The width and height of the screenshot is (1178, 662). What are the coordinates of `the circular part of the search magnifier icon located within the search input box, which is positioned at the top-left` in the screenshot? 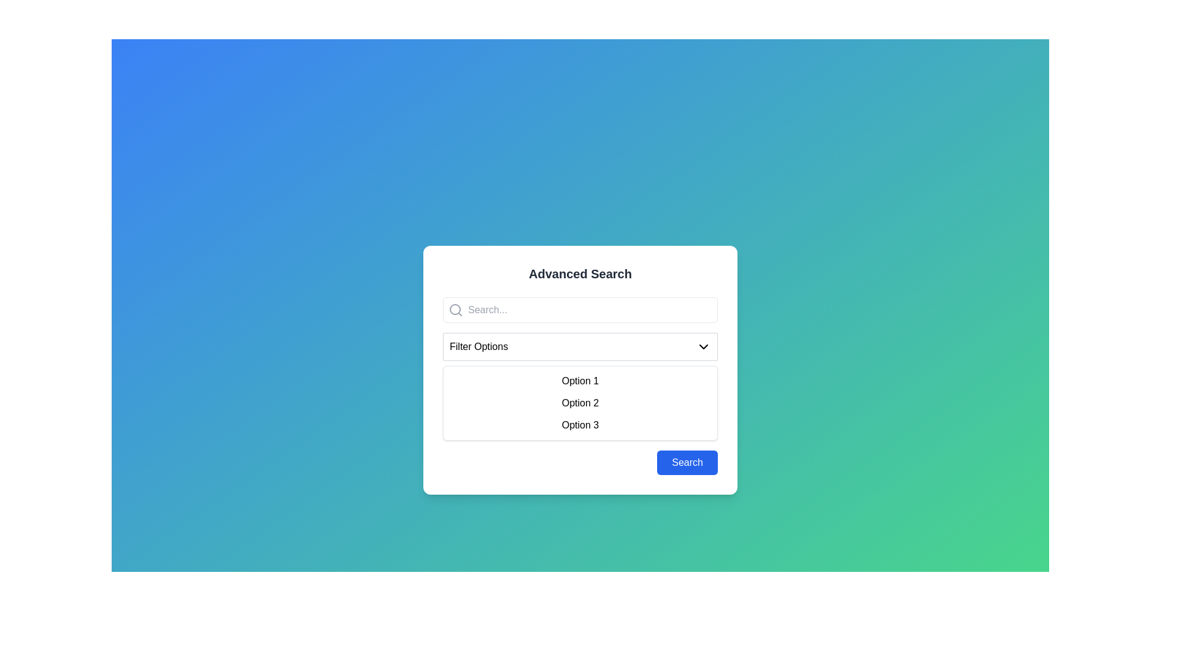 It's located at (455, 309).